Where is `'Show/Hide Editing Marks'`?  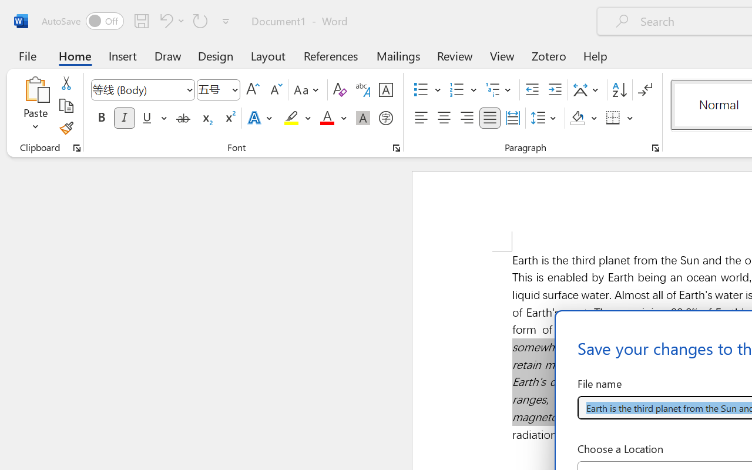
'Show/Hide Editing Marks' is located at coordinates (644, 90).